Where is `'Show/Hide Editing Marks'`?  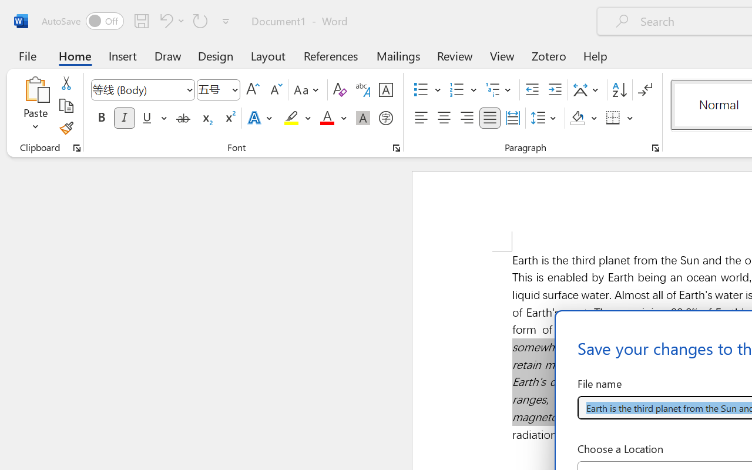
'Show/Hide Editing Marks' is located at coordinates (644, 90).